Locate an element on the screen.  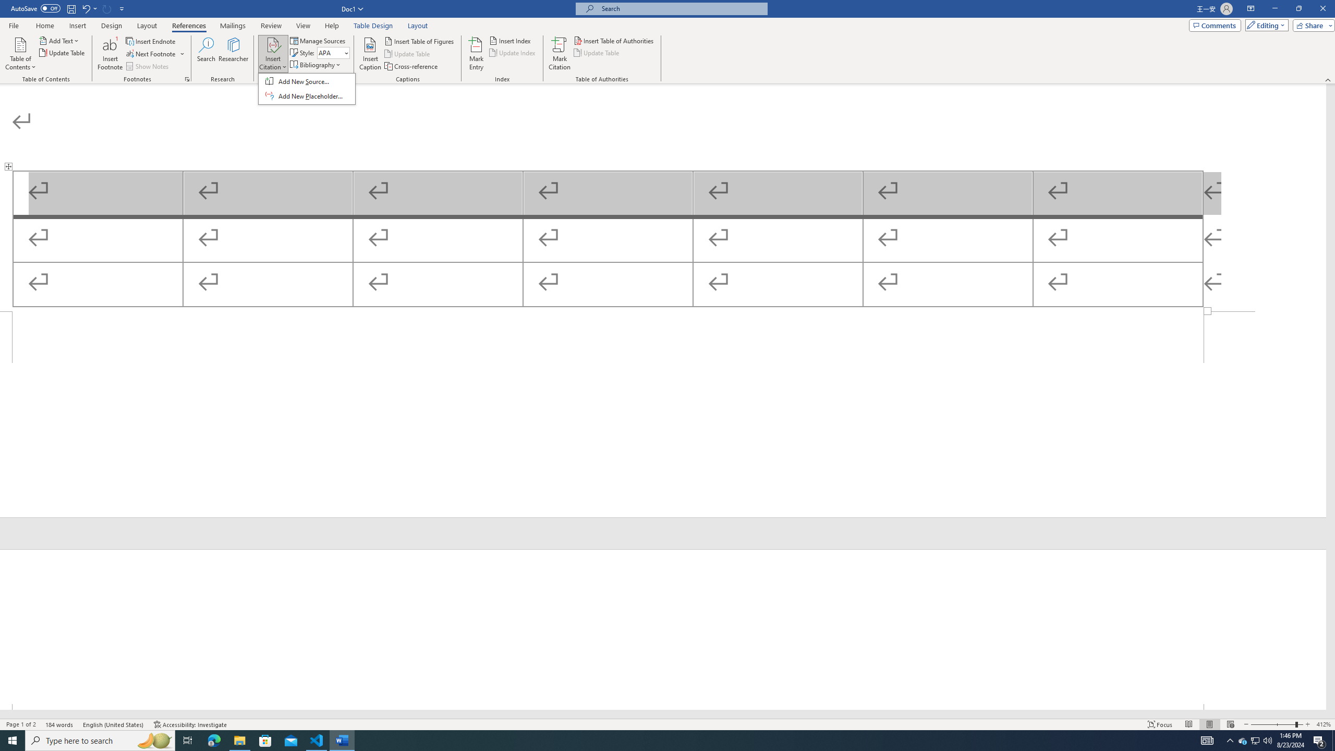
'Class: MsoCommandBar' is located at coordinates (667, 723).